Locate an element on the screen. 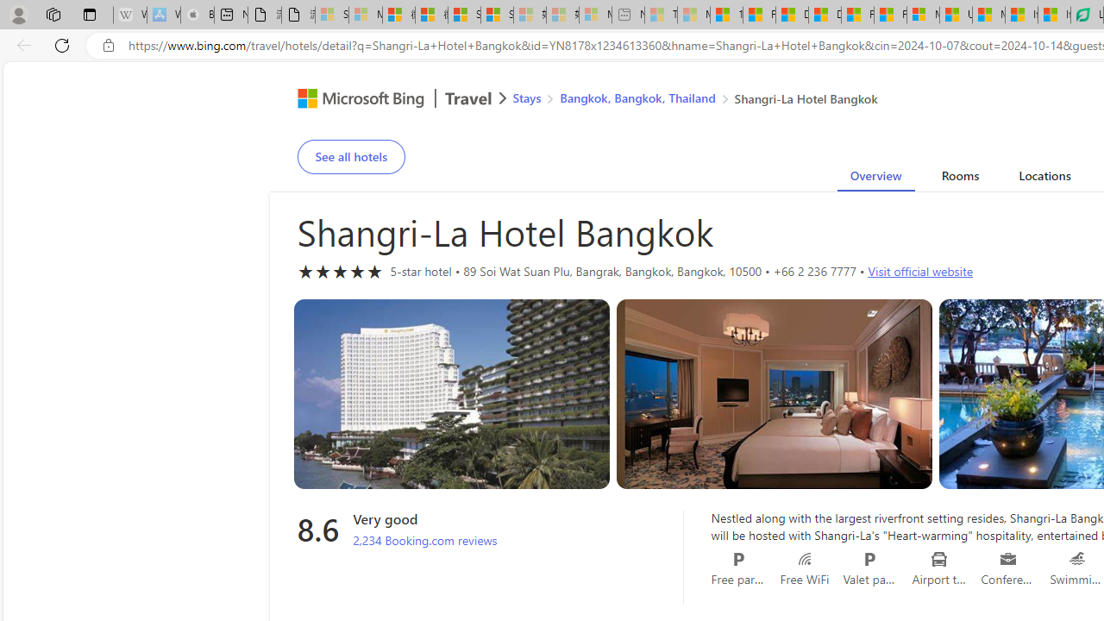 Image resolution: width=1104 pixels, height=621 pixels. 'Sign in to your Microsoft account - Sleeping' is located at coordinates (332, 15).